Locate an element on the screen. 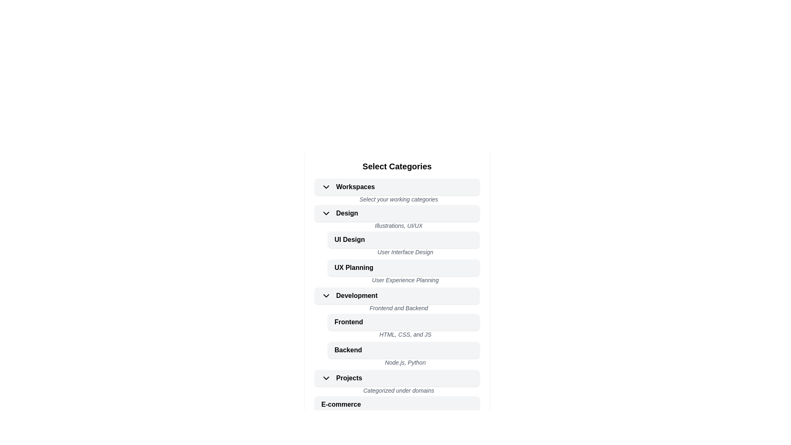 This screenshot has width=791, height=445. the position of the Text Display Area that serves as a descriptive label for 'Frontend' development, located in the 'Development' section, above the 'Backend' entry is located at coordinates (397, 327).